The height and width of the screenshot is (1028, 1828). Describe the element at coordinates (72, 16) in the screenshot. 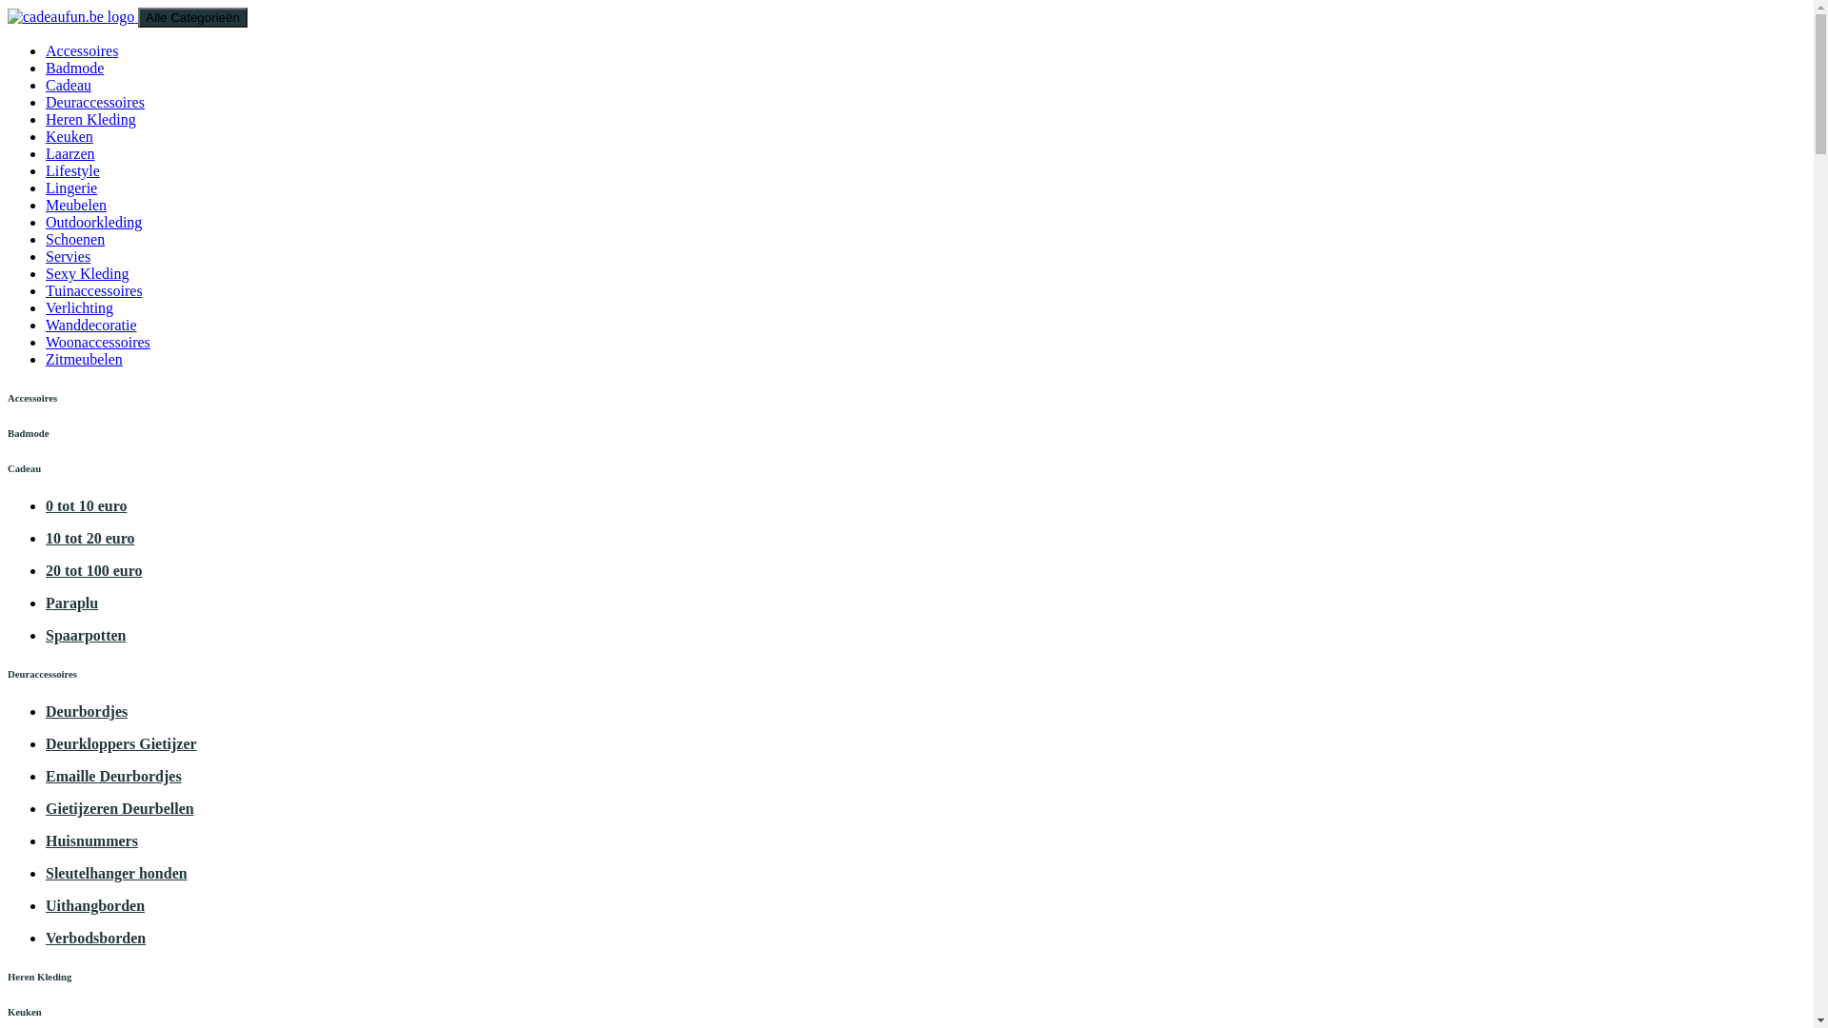

I see `'Terug naar cadeaufun.be home'` at that location.